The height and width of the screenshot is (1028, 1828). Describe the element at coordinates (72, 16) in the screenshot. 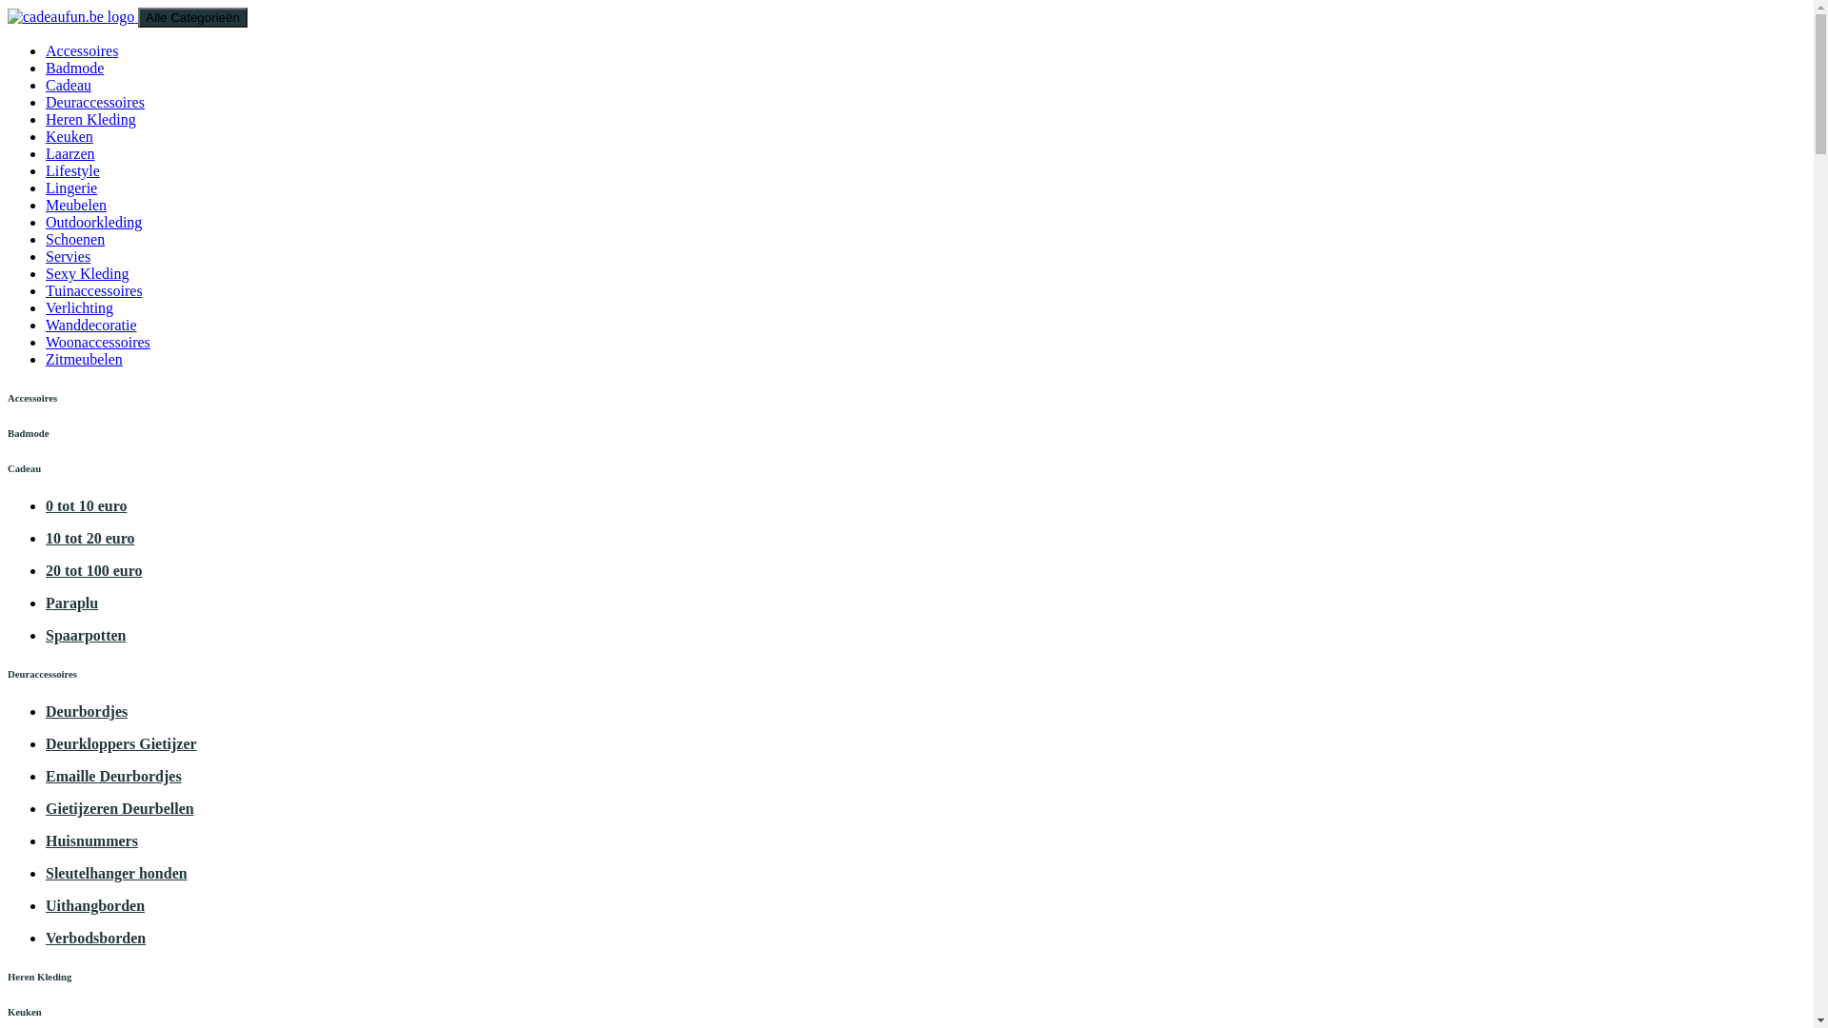

I see `'Terug naar cadeaufun.be home'` at that location.